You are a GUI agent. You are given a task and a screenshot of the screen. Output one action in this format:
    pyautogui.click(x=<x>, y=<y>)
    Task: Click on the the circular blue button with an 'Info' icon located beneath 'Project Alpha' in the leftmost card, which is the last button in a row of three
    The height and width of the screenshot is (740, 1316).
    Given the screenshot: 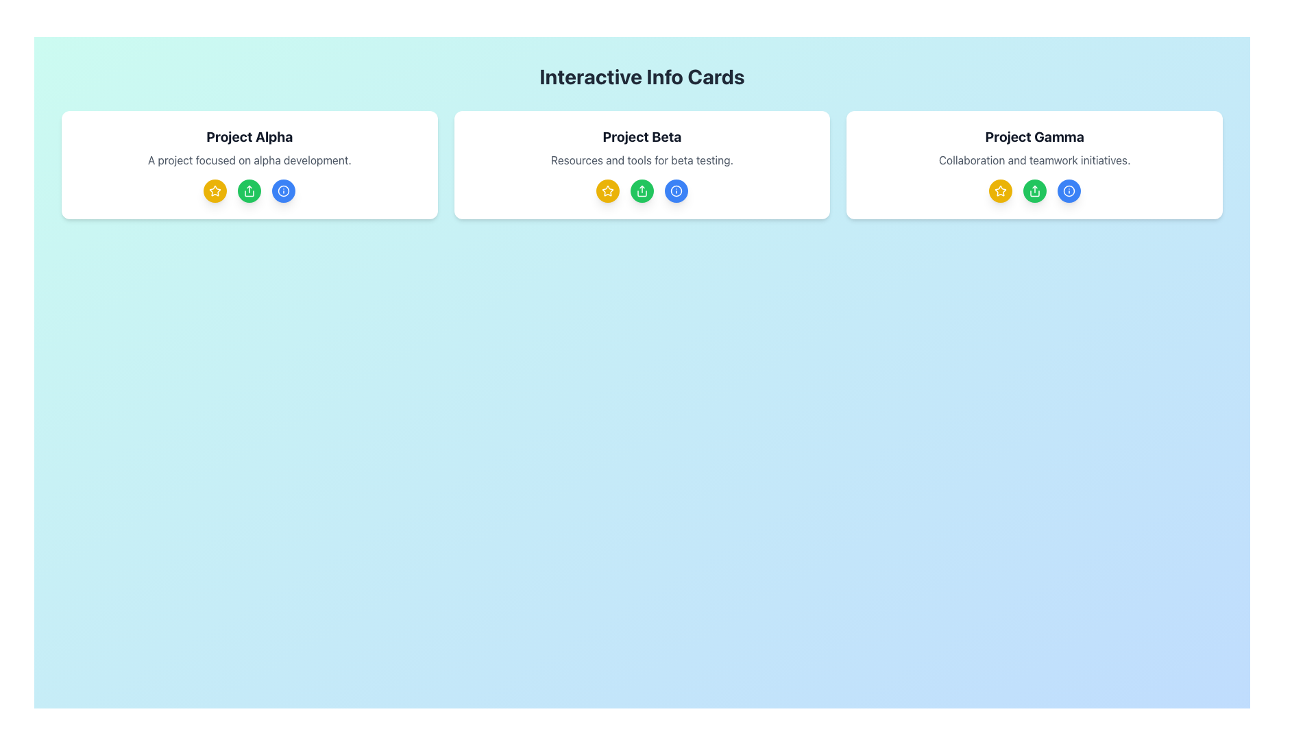 What is the action you would take?
    pyautogui.click(x=283, y=190)
    